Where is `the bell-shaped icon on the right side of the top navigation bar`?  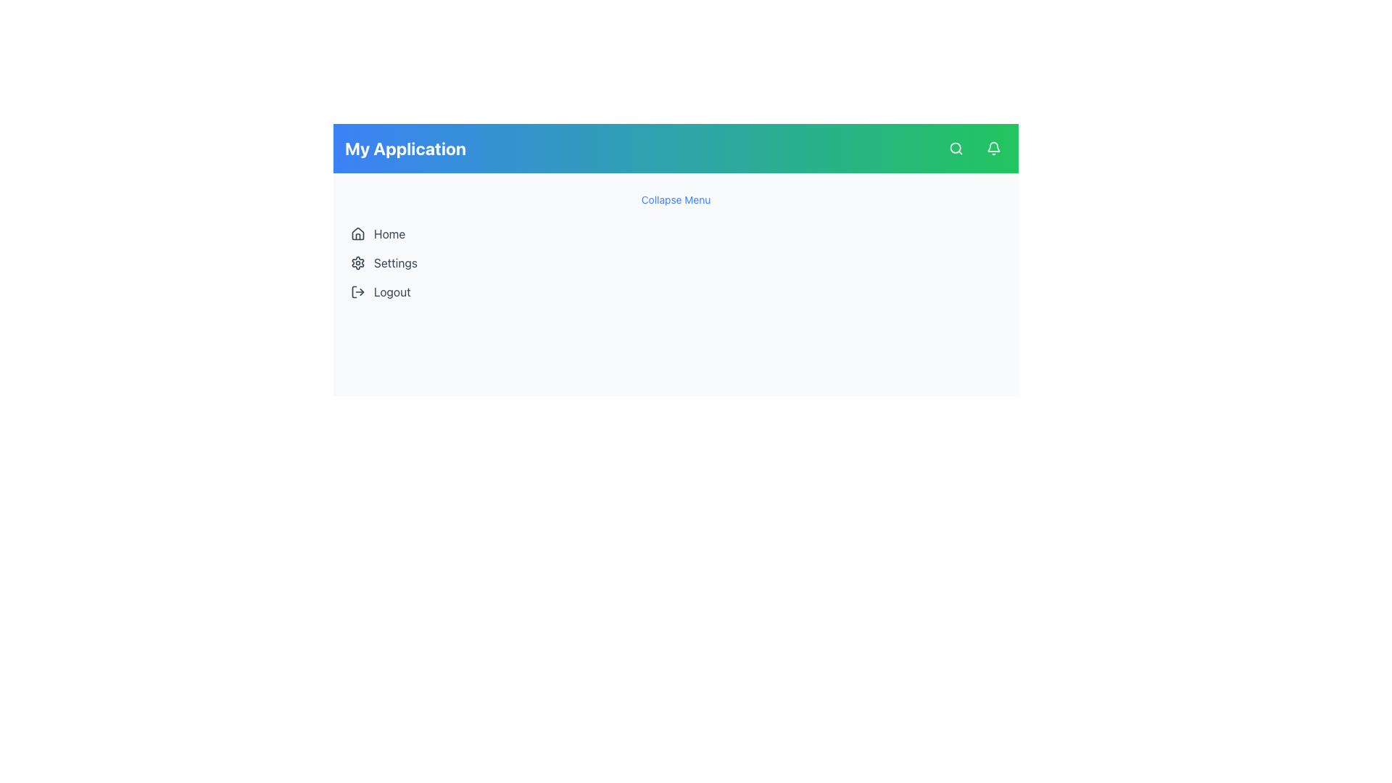
the bell-shaped icon on the right side of the top navigation bar is located at coordinates (993, 148).